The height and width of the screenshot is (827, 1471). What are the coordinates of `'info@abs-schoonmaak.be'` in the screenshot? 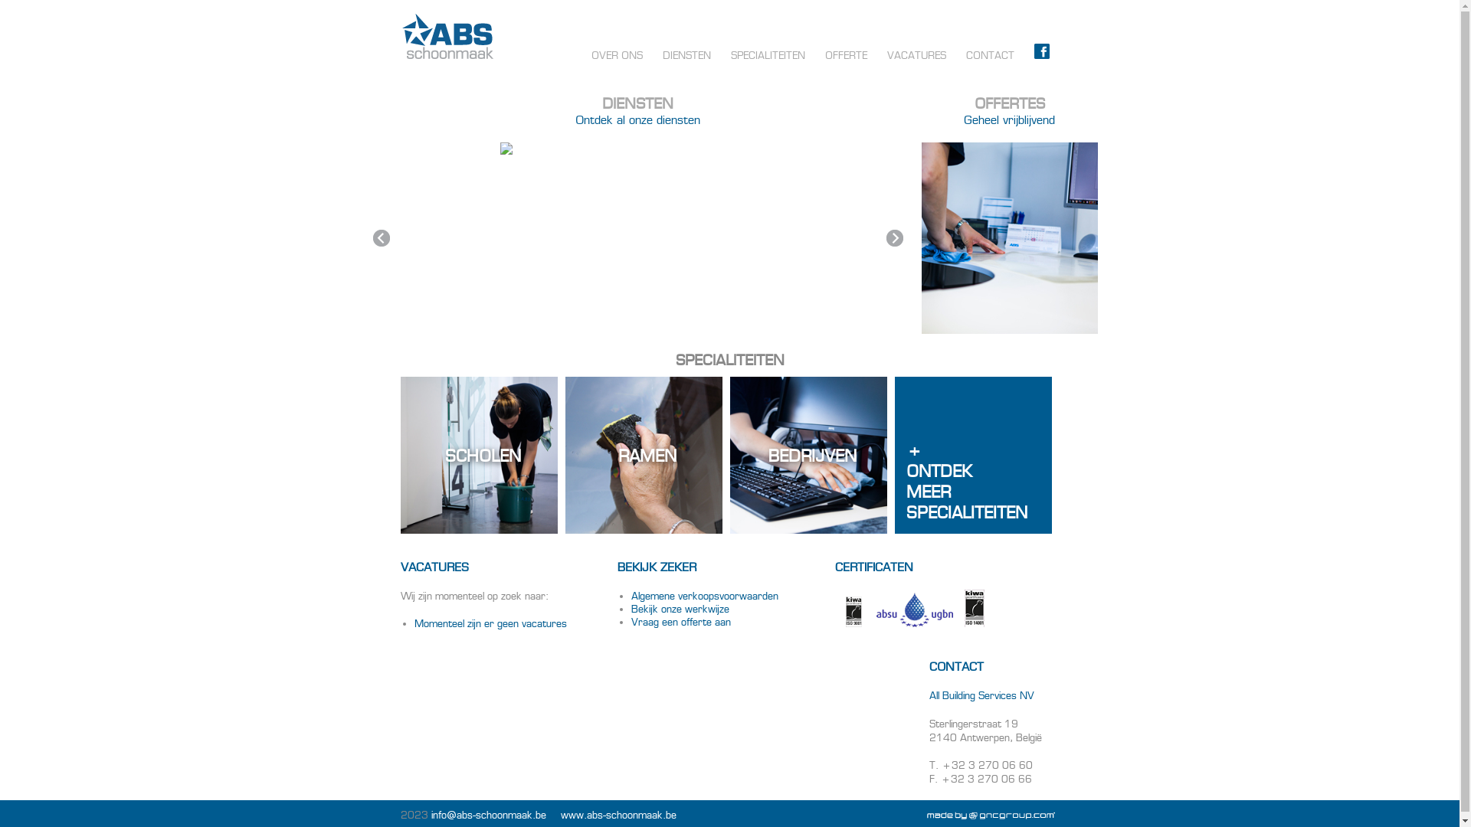 It's located at (487, 814).